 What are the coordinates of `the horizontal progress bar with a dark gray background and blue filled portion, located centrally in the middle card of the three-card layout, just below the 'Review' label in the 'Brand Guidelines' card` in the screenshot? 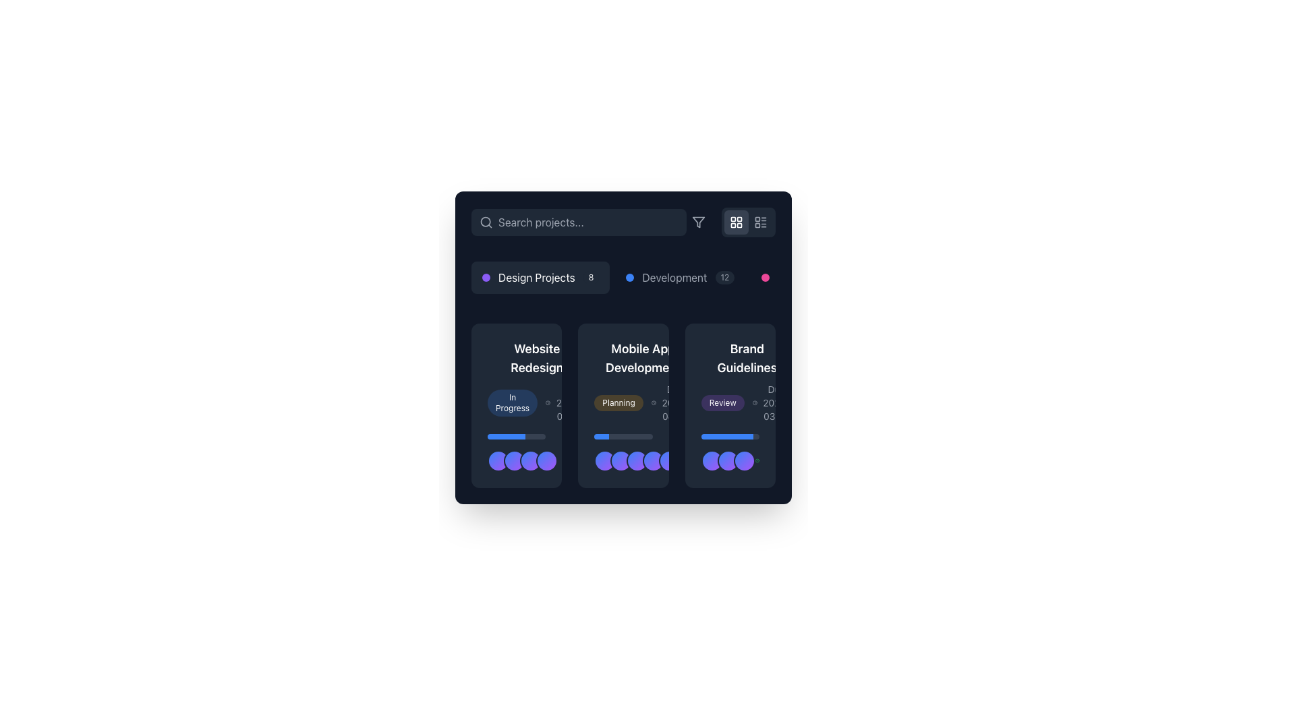 It's located at (729, 437).